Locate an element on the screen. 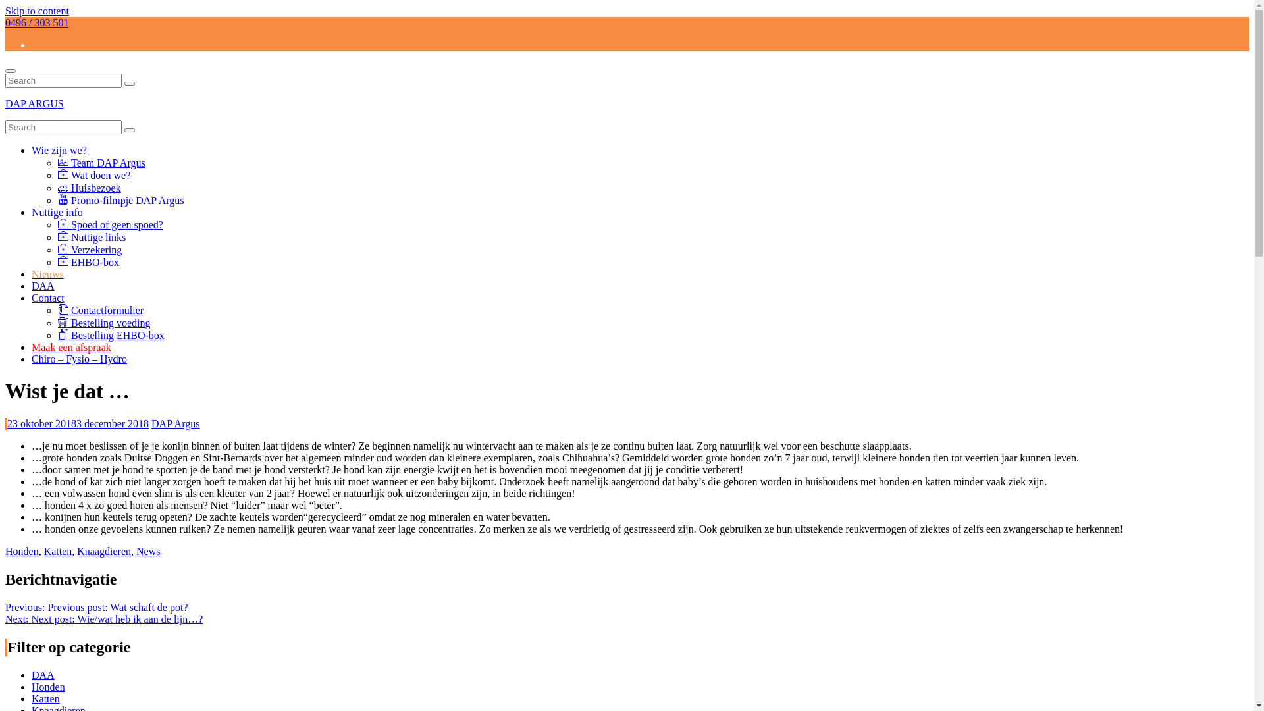  'Contactformulier' is located at coordinates (100, 310).